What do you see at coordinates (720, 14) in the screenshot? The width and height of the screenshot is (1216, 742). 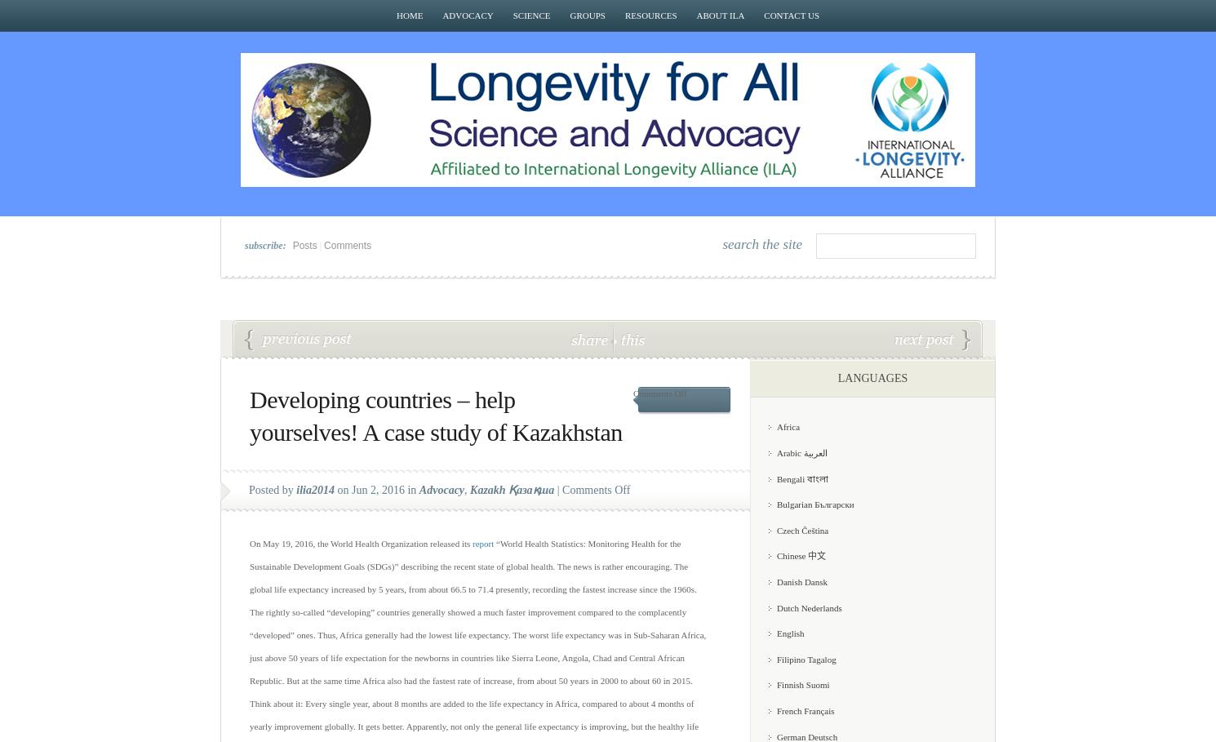 I see `'ABOUT ILA'` at bounding box center [720, 14].